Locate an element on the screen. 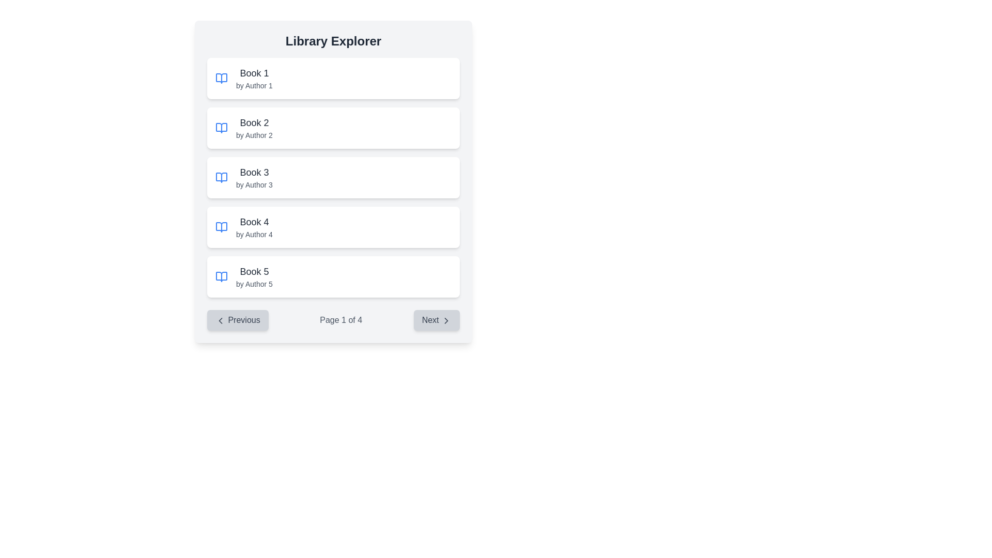 The height and width of the screenshot is (558, 992). text label displaying 'Book 1' which is bold and dark gray, located at the top of the first book card is located at coordinates (254, 73).